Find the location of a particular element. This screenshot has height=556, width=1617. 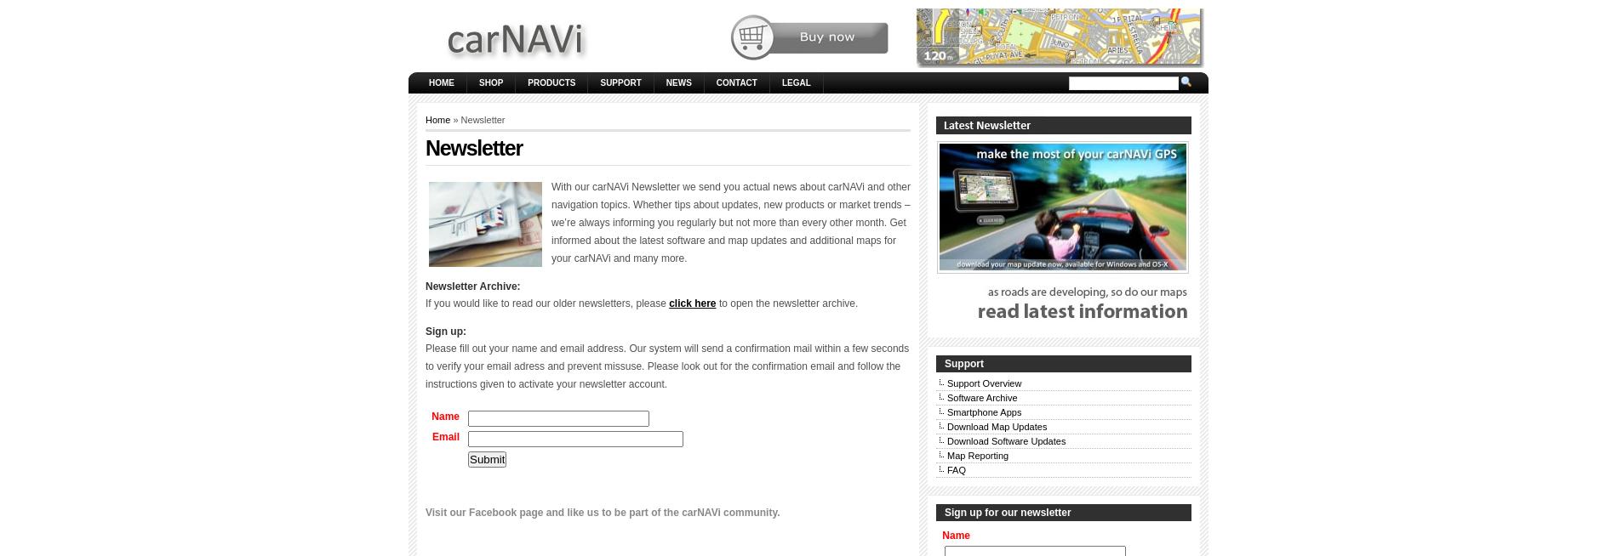

'Please fill out your name and email address. Our system will send a confirmation mail within a few seconds to verify your email adress and prevent missuse. Please look out for the confirmation email and follow the instructions given to activate your newsletter account.' is located at coordinates (426, 366).